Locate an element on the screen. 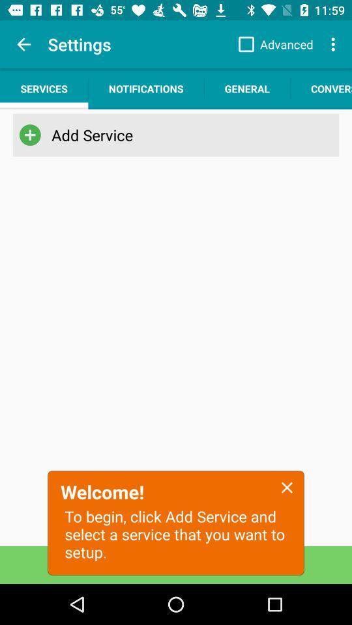 This screenshot has width=352, height=625. the close button is located at coordinates (287, 486).